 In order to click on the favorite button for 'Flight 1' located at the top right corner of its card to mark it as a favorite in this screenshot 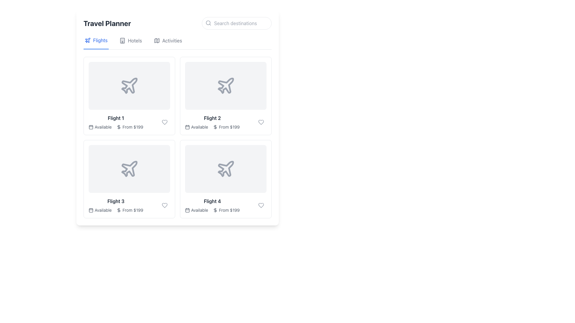, I will do `click(165, 122)`.